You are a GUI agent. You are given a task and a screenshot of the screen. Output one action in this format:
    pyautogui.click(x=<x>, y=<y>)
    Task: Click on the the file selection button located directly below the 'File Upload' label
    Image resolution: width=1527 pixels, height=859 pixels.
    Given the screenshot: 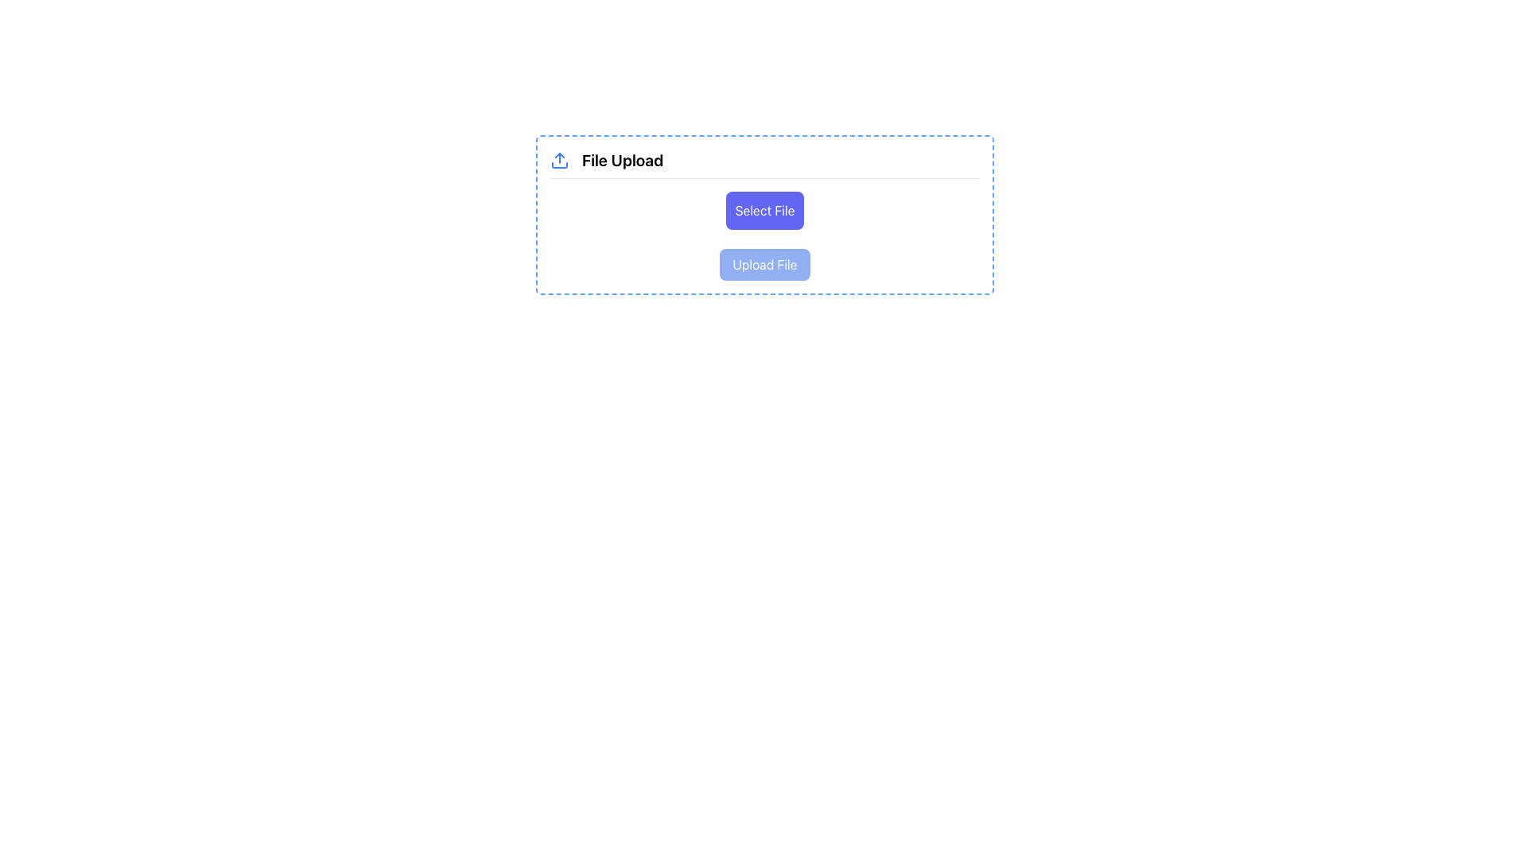 What is the action you would take?
    pyautogui.click(x=764, y=210)
    